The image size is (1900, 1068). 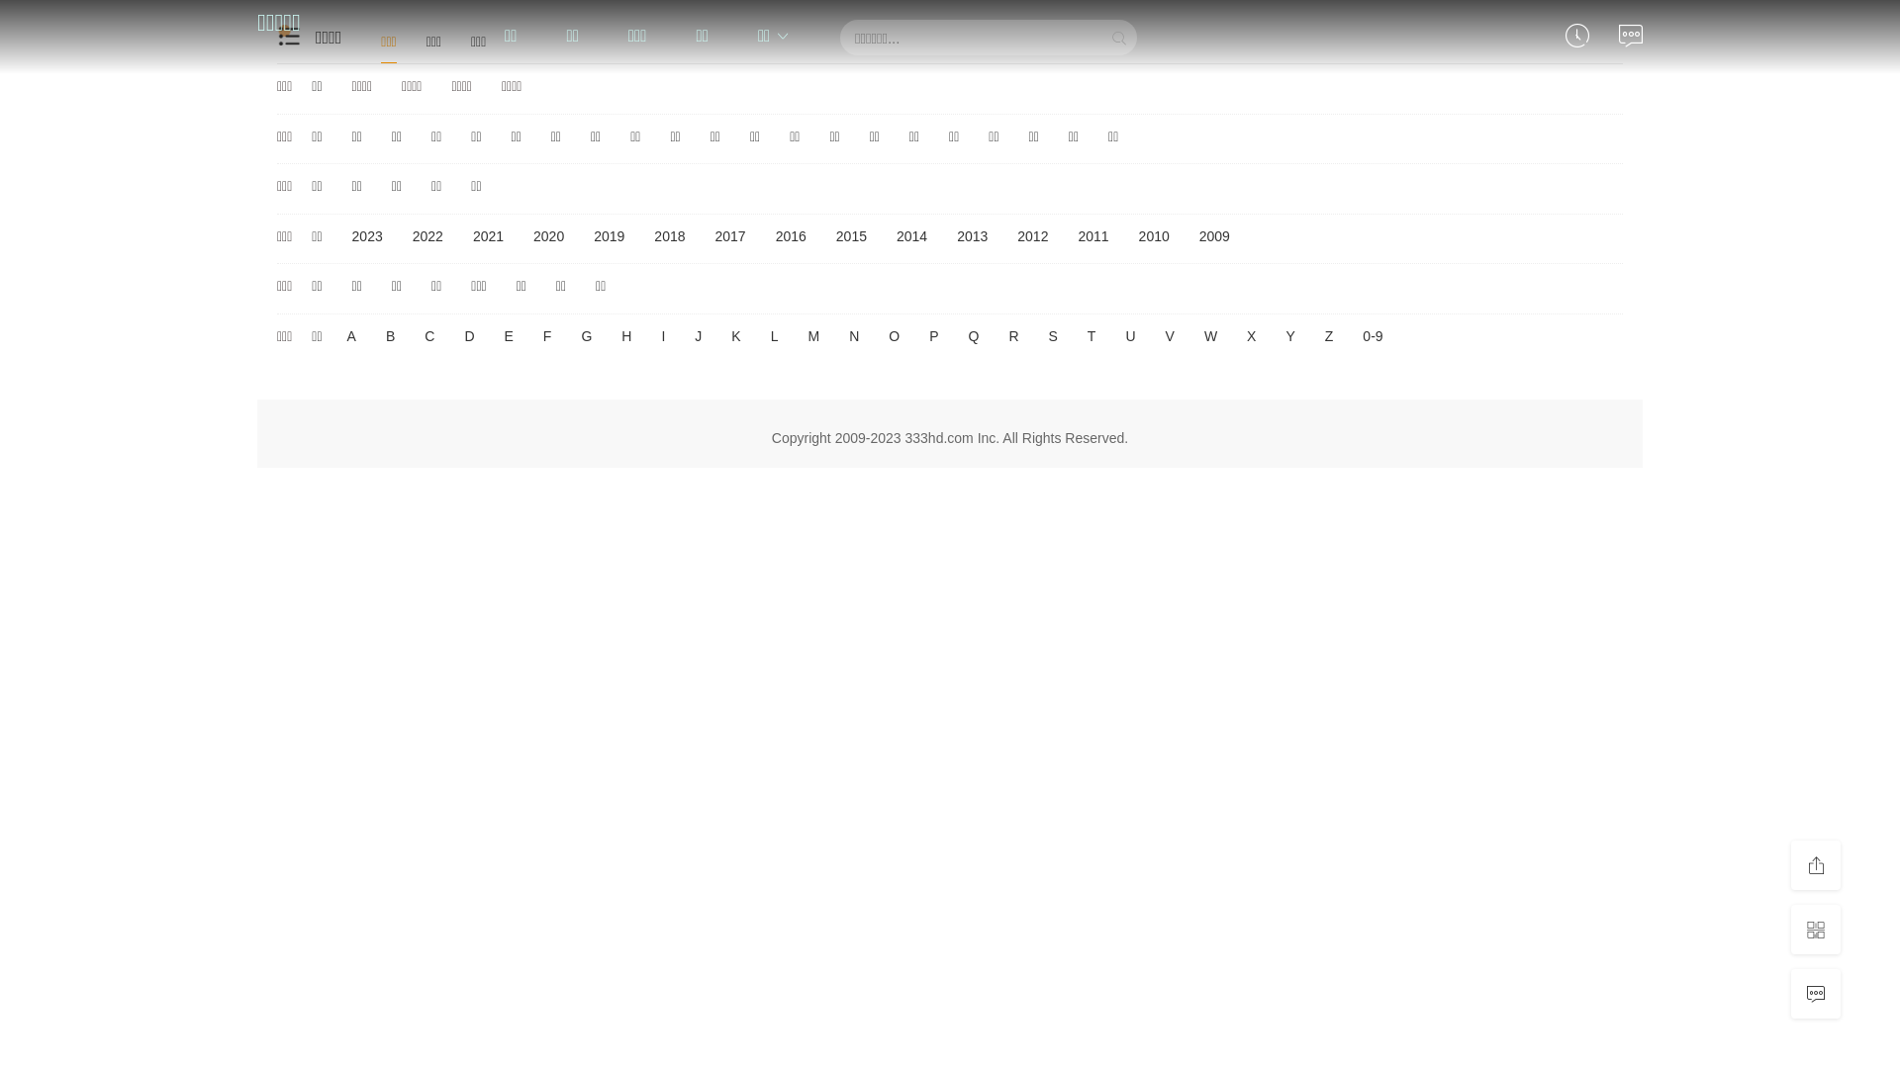 I want to click on '2014', so click(x=910, y=235).